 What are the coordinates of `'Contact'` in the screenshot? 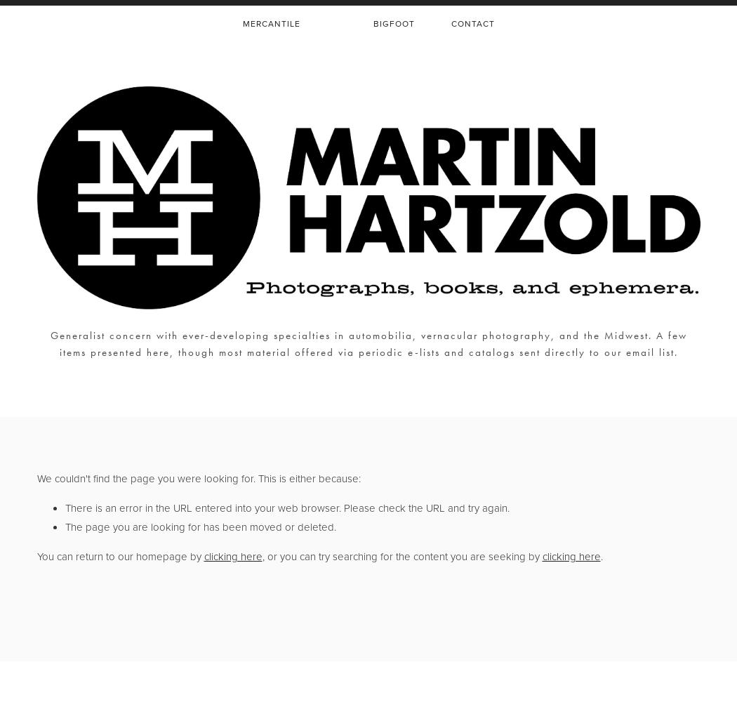 It's located at (472, 24).